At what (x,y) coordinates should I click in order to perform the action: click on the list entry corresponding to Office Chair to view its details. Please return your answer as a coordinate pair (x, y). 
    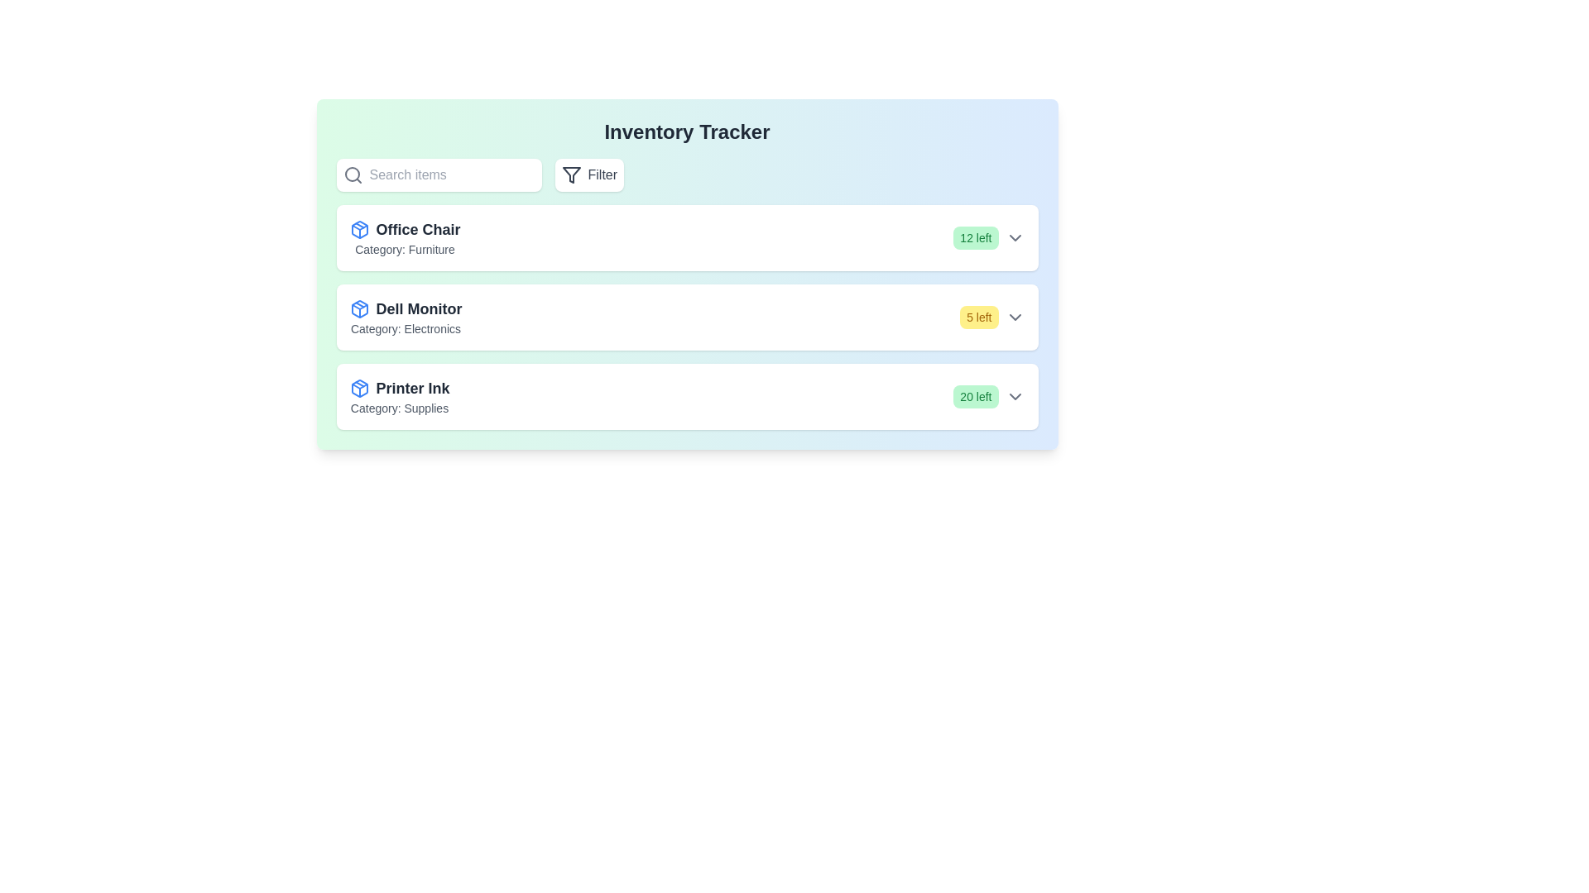
    Looking at the image, I should click on (687, 238).